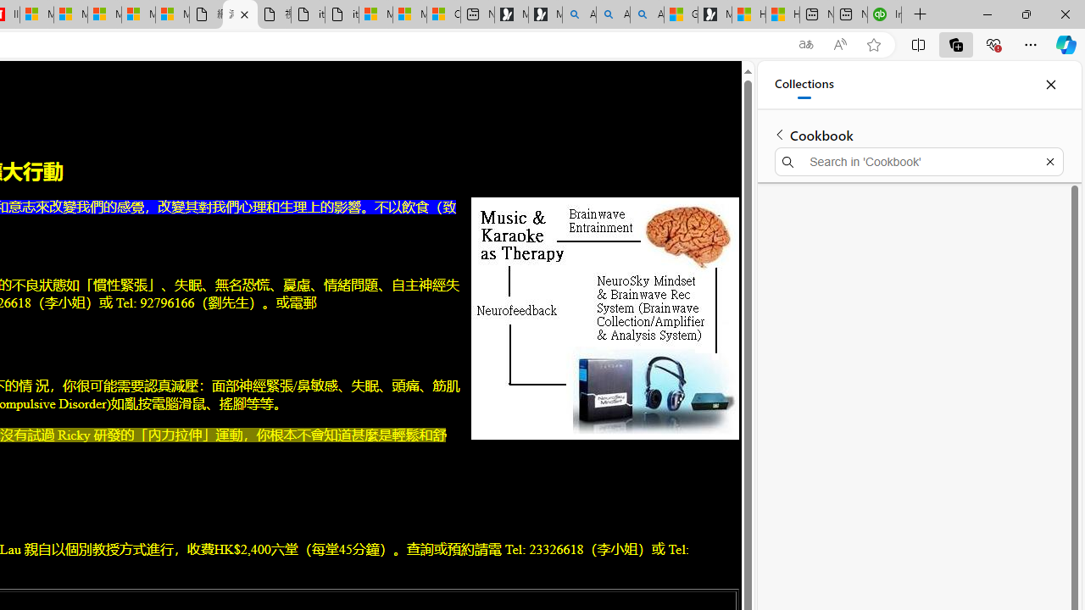  I want to click on 'Copilot (Ctrl+Shift+.)', so click(1066, 43).